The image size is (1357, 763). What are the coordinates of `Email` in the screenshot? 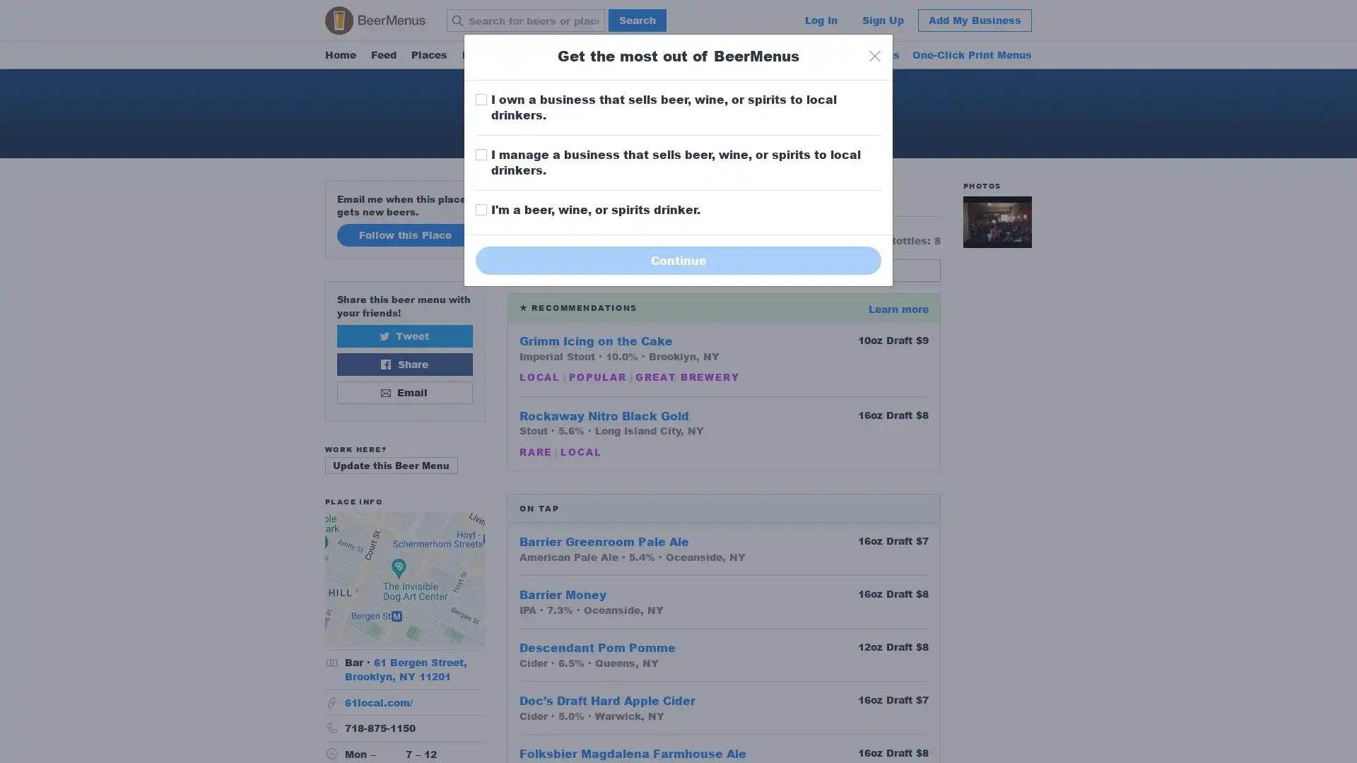 It's located at (404, 392).